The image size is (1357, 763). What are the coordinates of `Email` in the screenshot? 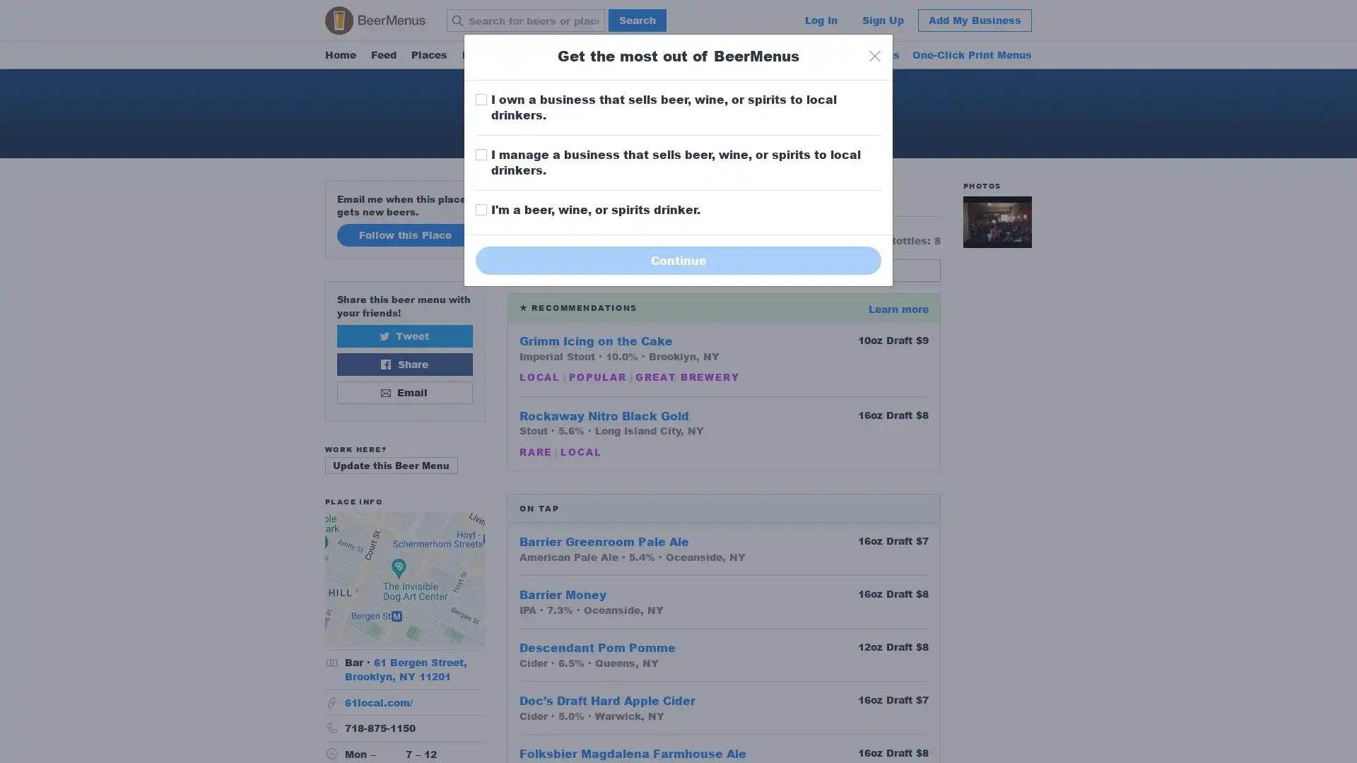 It's located at (404, 392).